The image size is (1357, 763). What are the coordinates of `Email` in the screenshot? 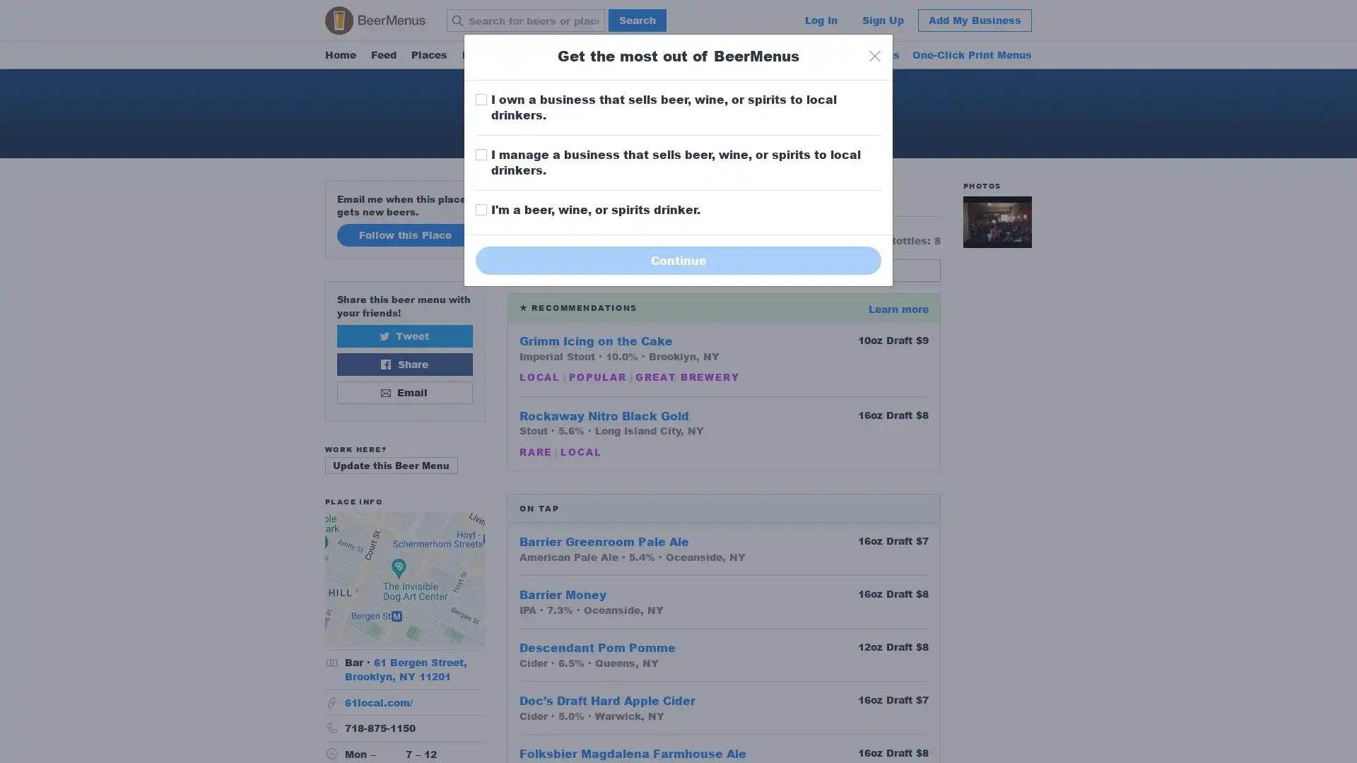 It's located at (404, 392).